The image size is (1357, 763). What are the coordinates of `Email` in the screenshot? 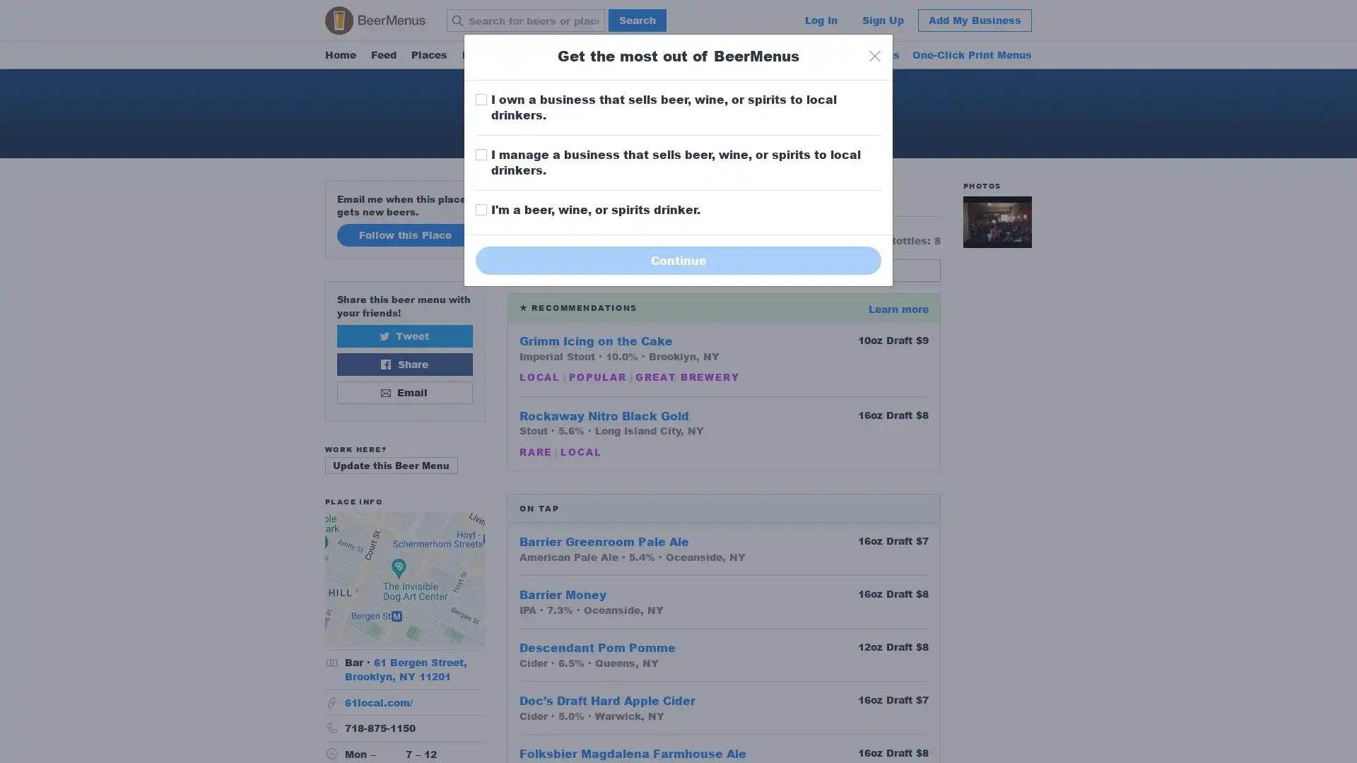 It's located at (404, 392).